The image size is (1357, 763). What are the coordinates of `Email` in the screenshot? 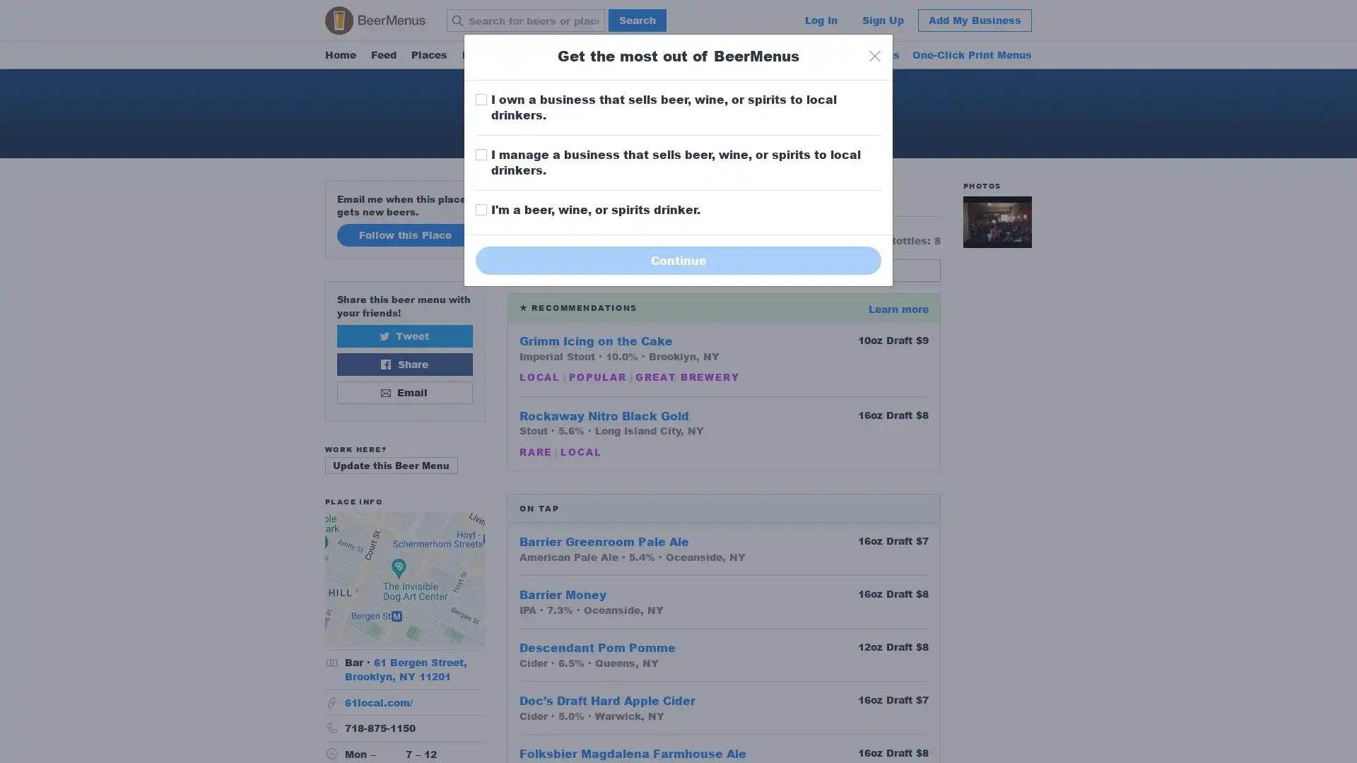 It's located at (404, 392).